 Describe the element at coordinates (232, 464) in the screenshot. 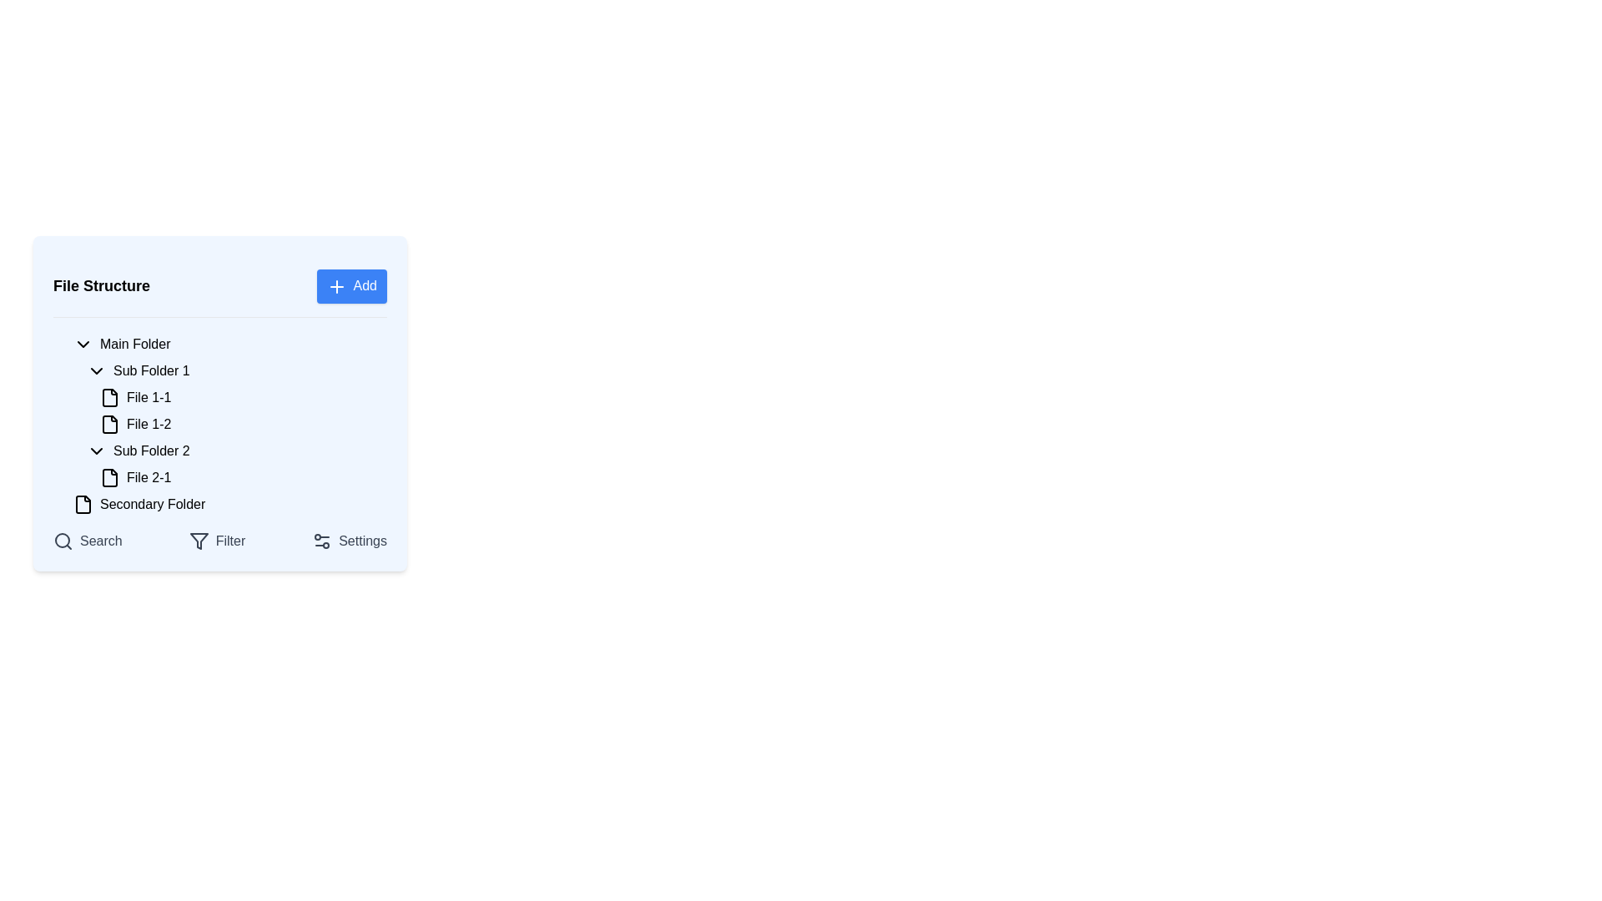

I see `the text 'File 2-1' along with its file icon from 'Sub Folder 2'` at that location.